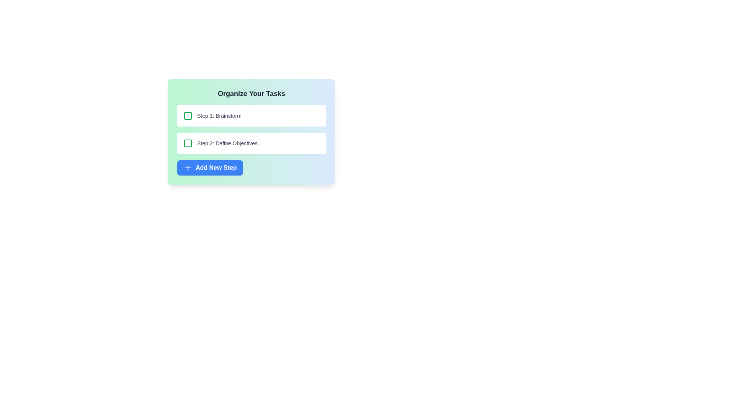 This screenshot has height=413, width=735. What do you see at coordinates (188, 116) in the screenshot?
I see `the green square-shaped checkbox located in the first row of the task list, immediately to the left of the text 'Step 1: Brainstorm'` at bounding box center [188, 116].